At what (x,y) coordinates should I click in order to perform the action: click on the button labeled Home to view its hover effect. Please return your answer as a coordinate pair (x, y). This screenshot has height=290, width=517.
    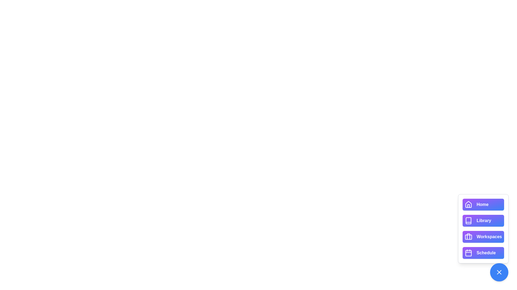
    Looking at the image, I should click on (483, 205).